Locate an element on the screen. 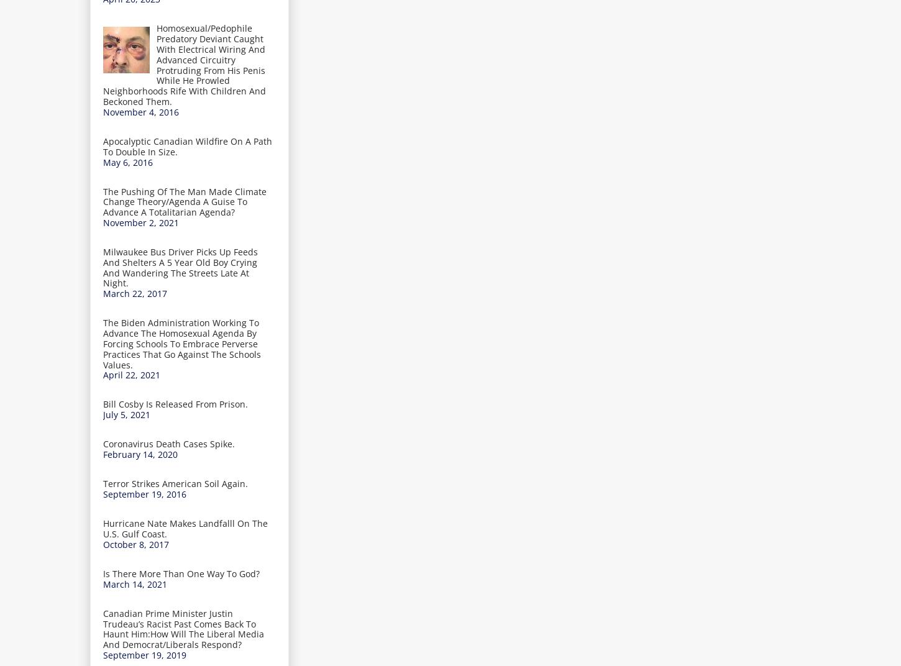 Image resolution: width=901 pixels, height=666 pixels. 'Milwaukee Bus Driver Picks Up Feeds And Shelters A 5 Year Old Boy Crying And Wandering The Streets Late At Night.' is located at coordinates (180, 267).